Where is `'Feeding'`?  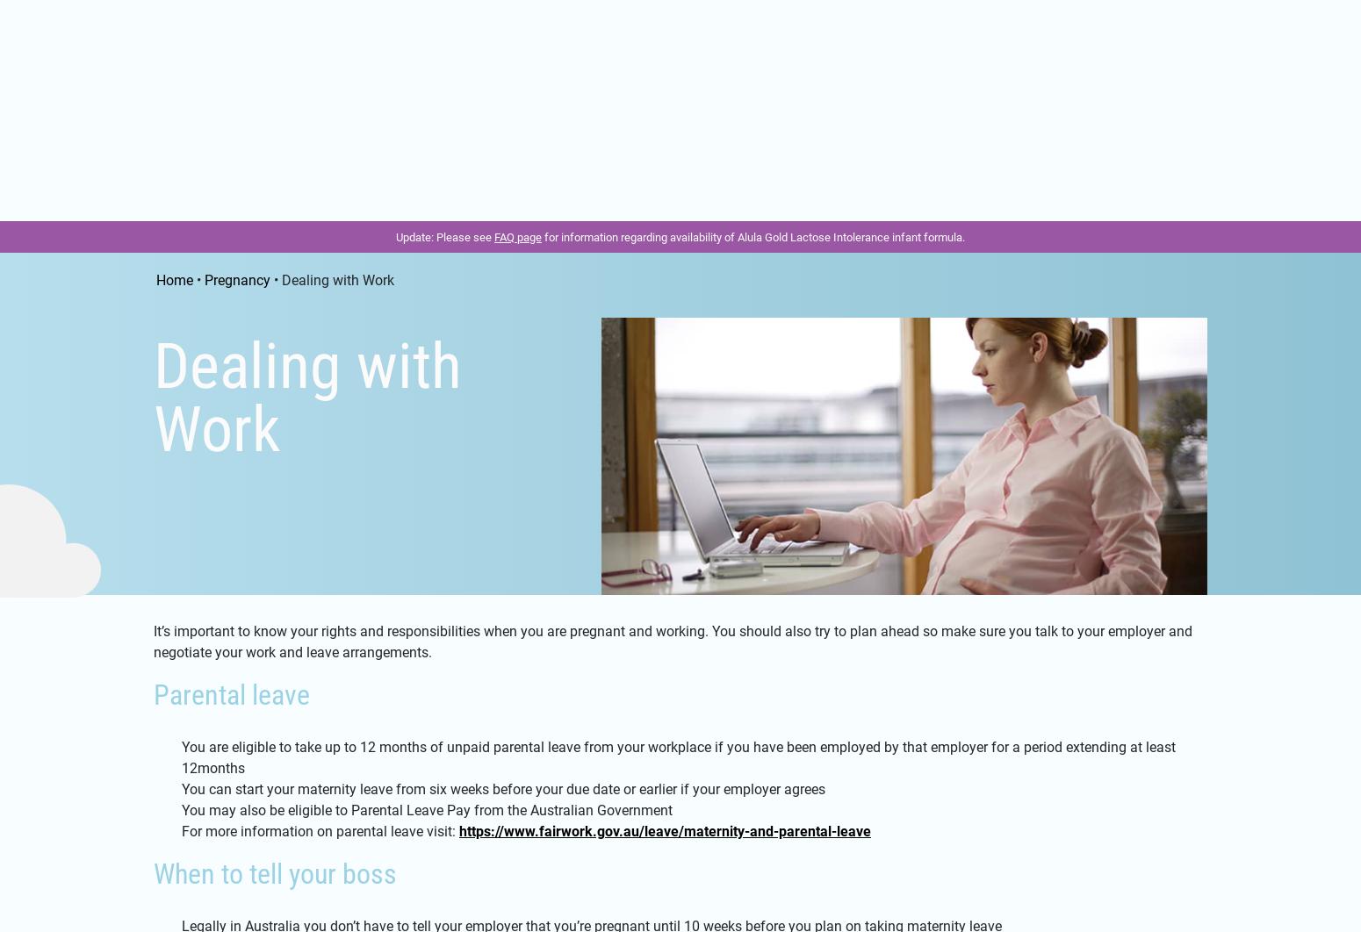
'Feeding' is located at coordinates (943, 202).